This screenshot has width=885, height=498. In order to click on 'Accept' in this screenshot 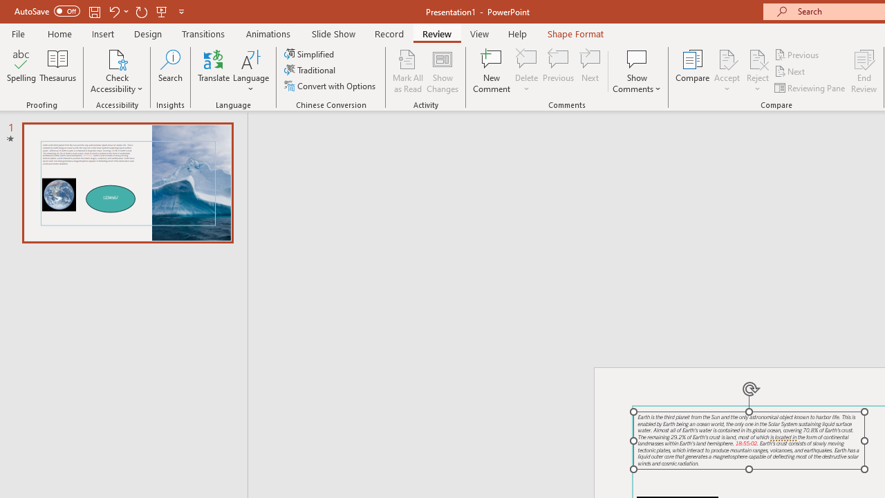, I will do `click(726, 71)`.